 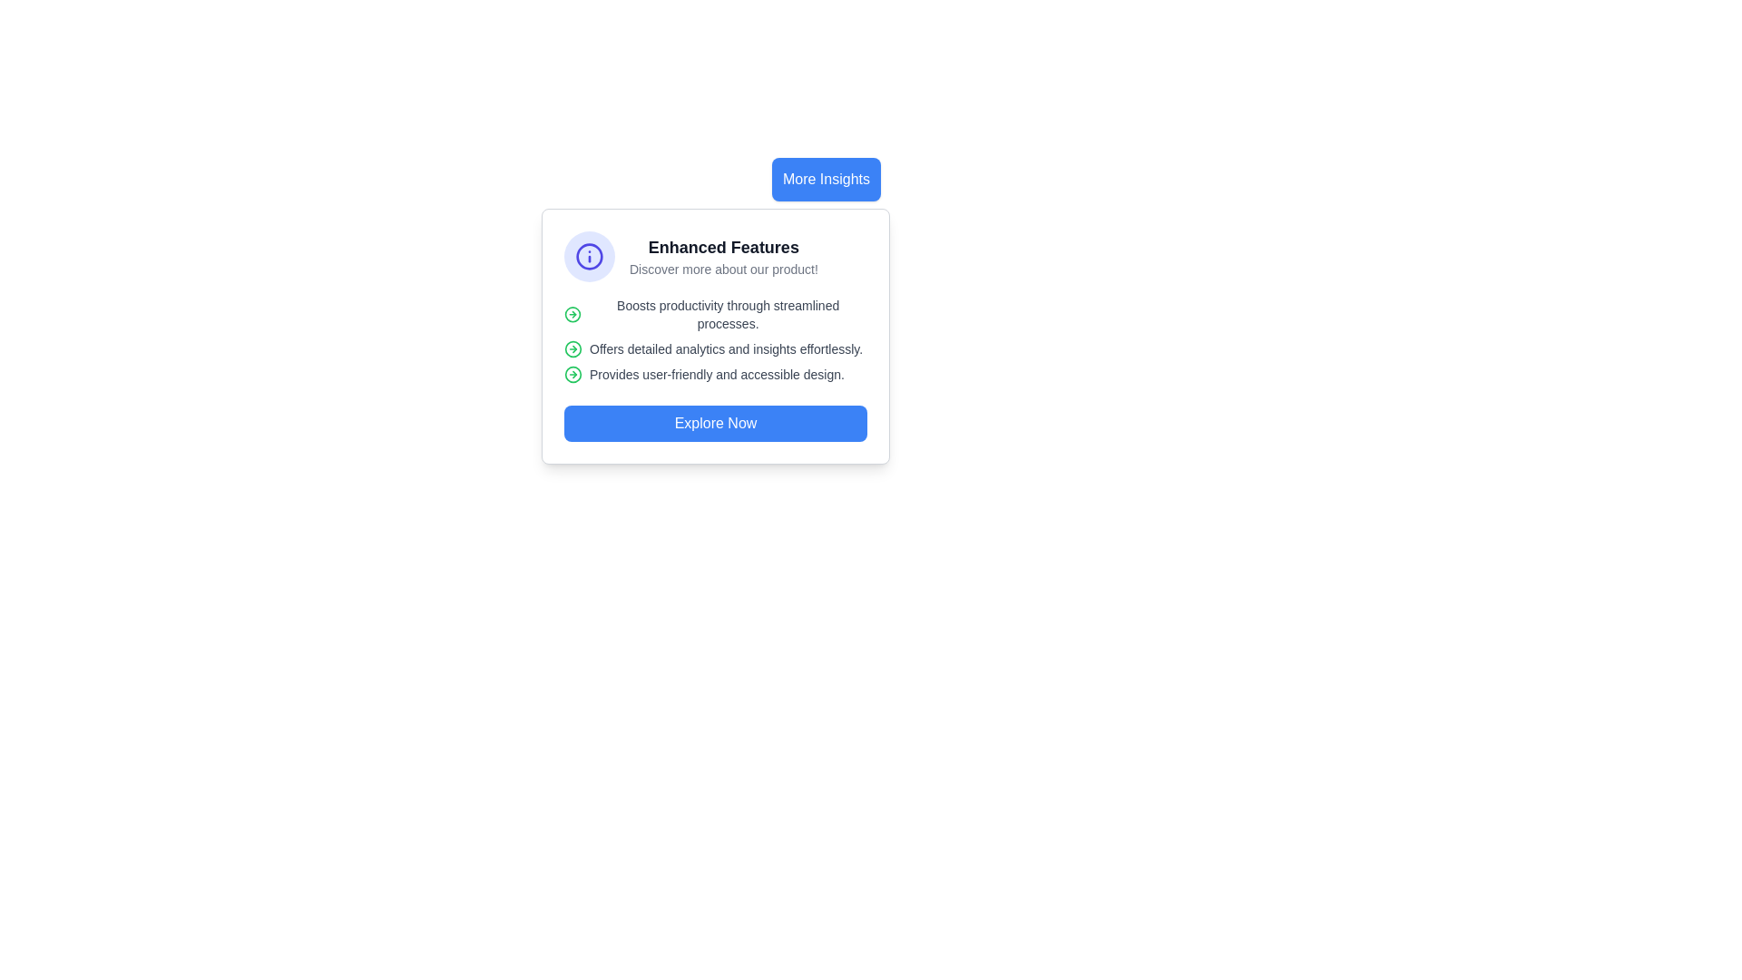 What do you see at coordinates (573, 349) in the screenshot?
I see `the icon in the second row of the 'Enhanced Features' section, which serves as a visual indicator for the feature's functionality` at bounding box center [573, 349].